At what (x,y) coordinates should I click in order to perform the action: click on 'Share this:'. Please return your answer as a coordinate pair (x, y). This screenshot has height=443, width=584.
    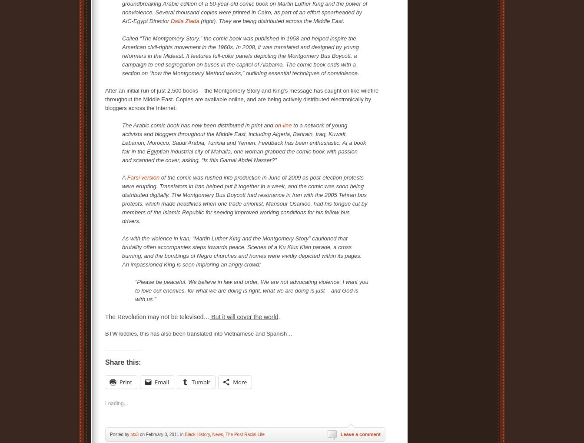
    Looking at the image, I should click on (123, 362).